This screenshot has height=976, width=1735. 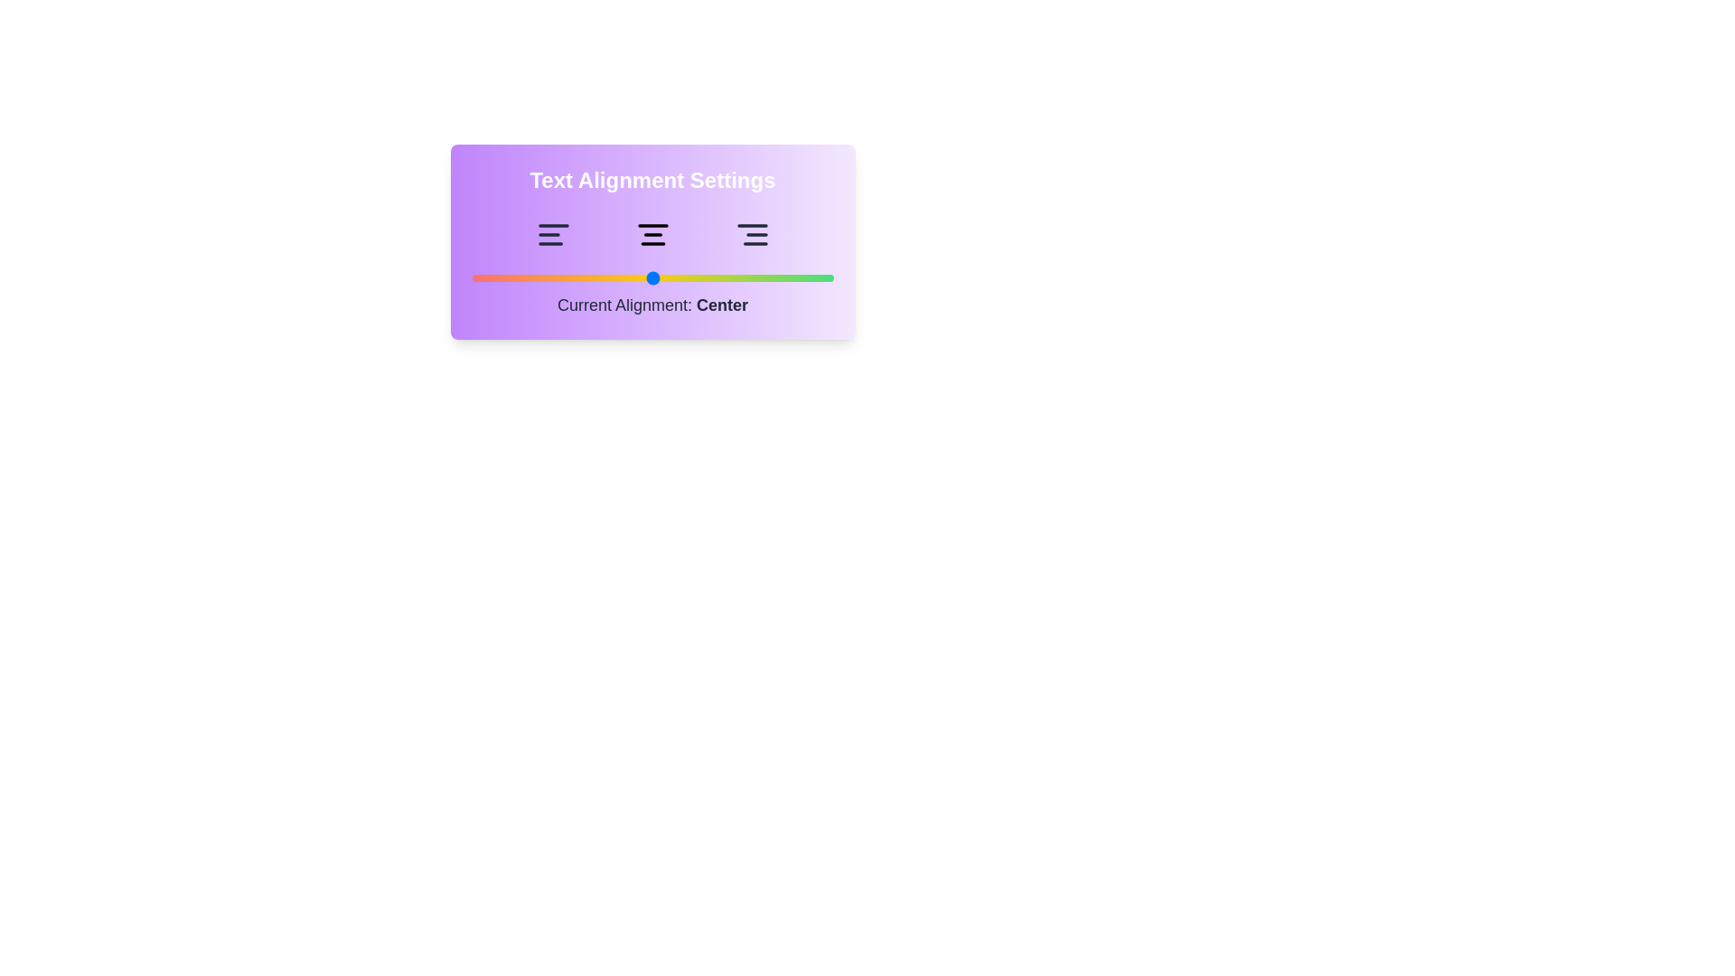 I want to click on the alignment slider to 34 and observe the text indicator update, so click(x=595, y=278).